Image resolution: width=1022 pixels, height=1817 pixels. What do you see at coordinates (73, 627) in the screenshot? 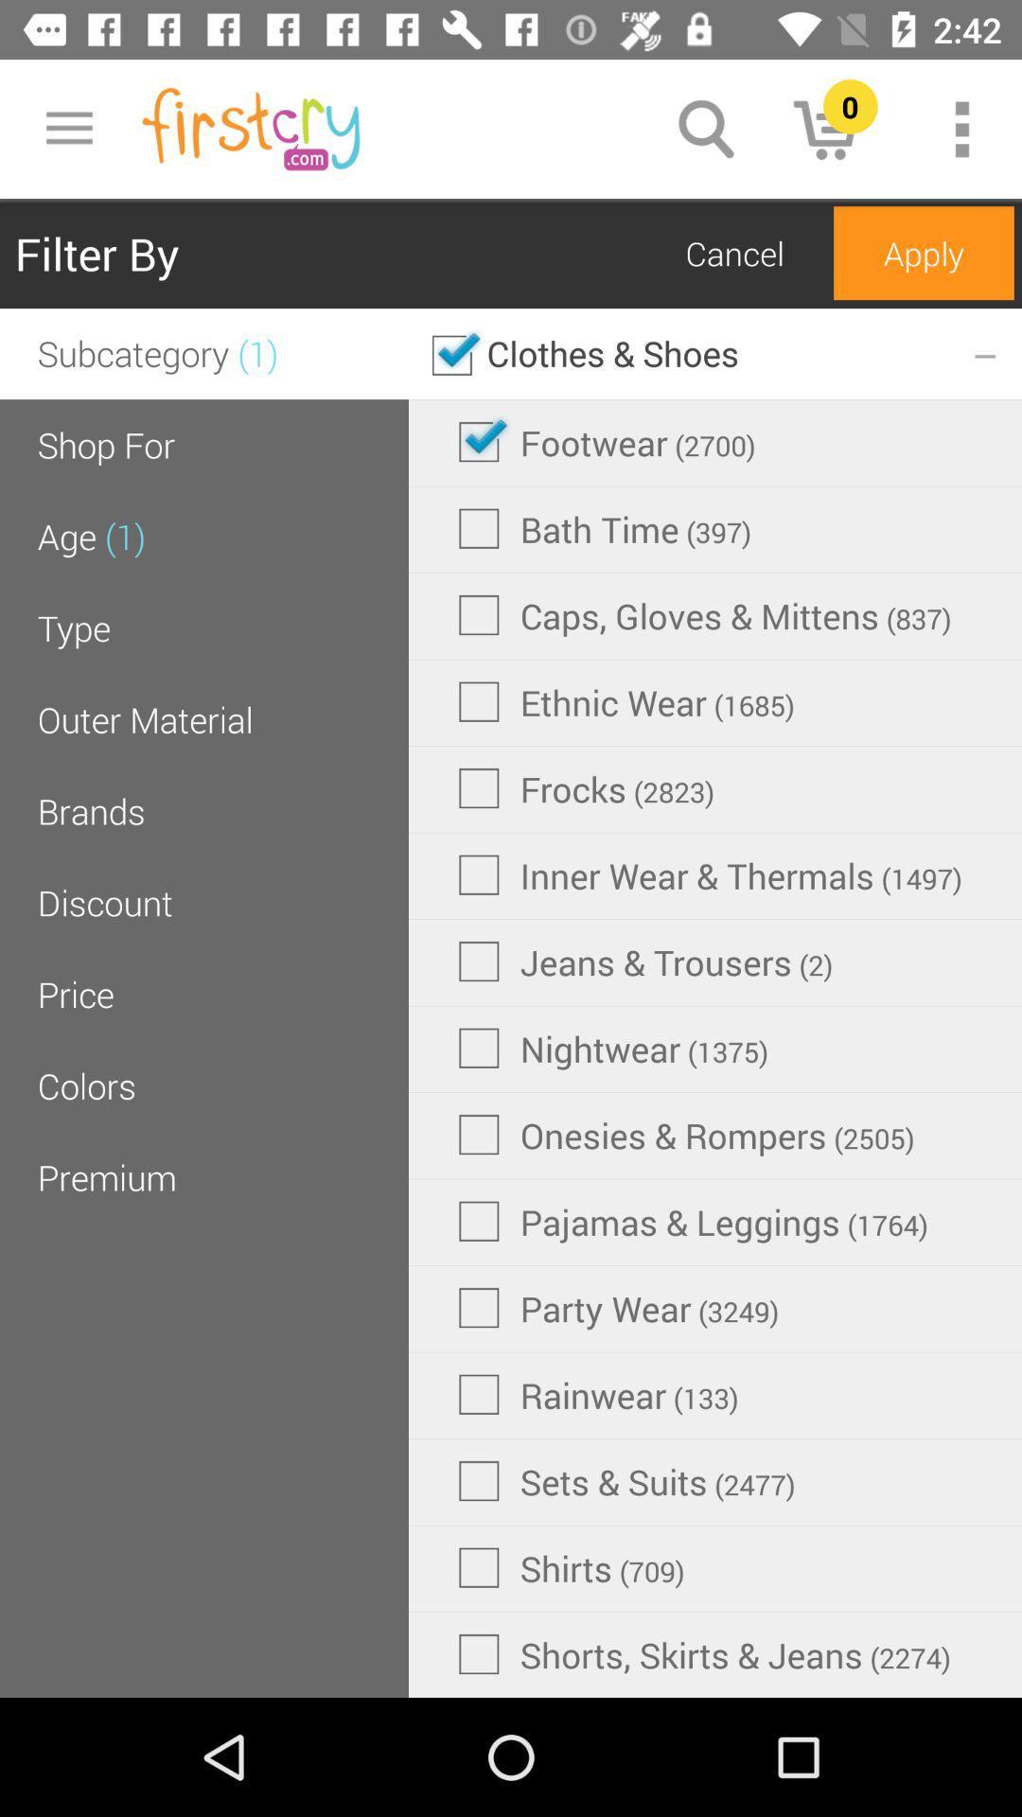
I see `icon below age (1)` at bounding box center [73, 627].